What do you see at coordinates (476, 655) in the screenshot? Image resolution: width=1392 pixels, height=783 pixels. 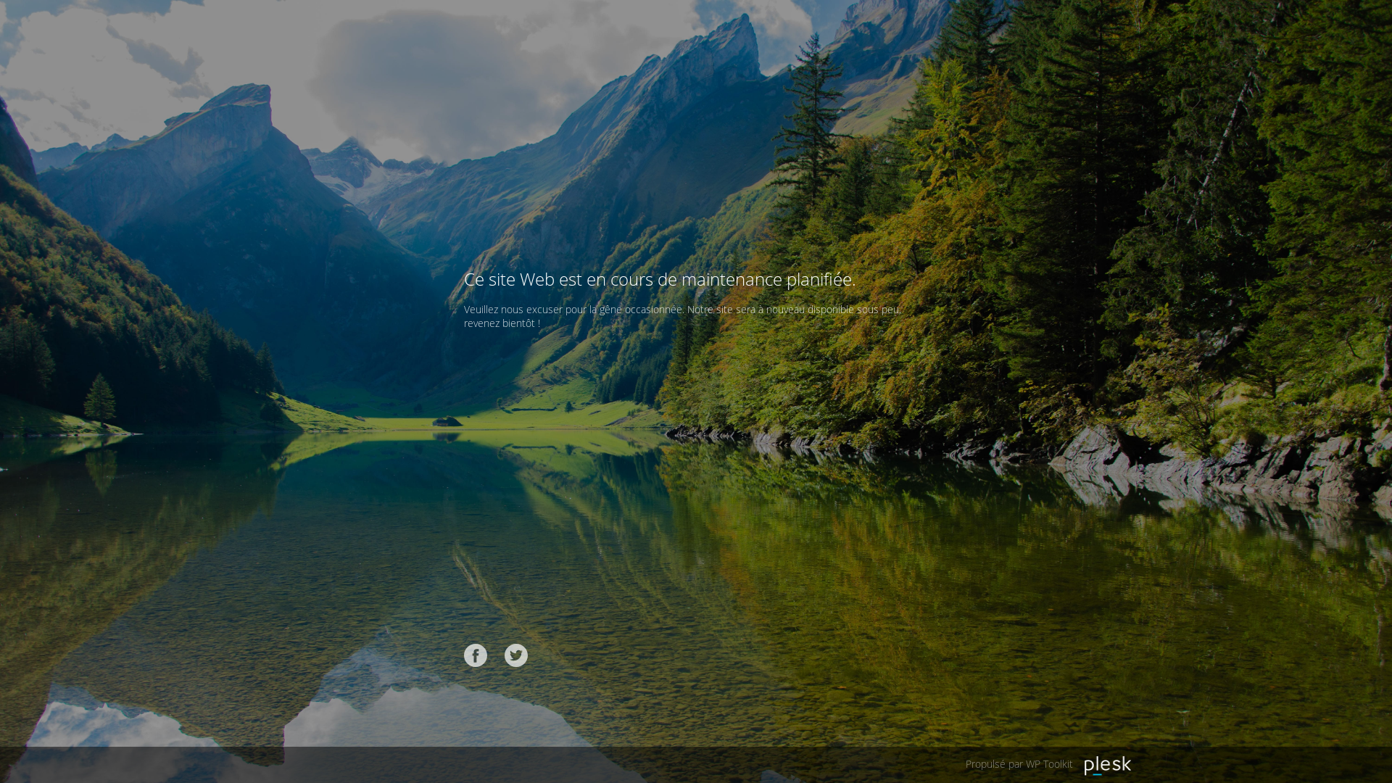 I see `'Facebook'` at bounding box center [476, 655].